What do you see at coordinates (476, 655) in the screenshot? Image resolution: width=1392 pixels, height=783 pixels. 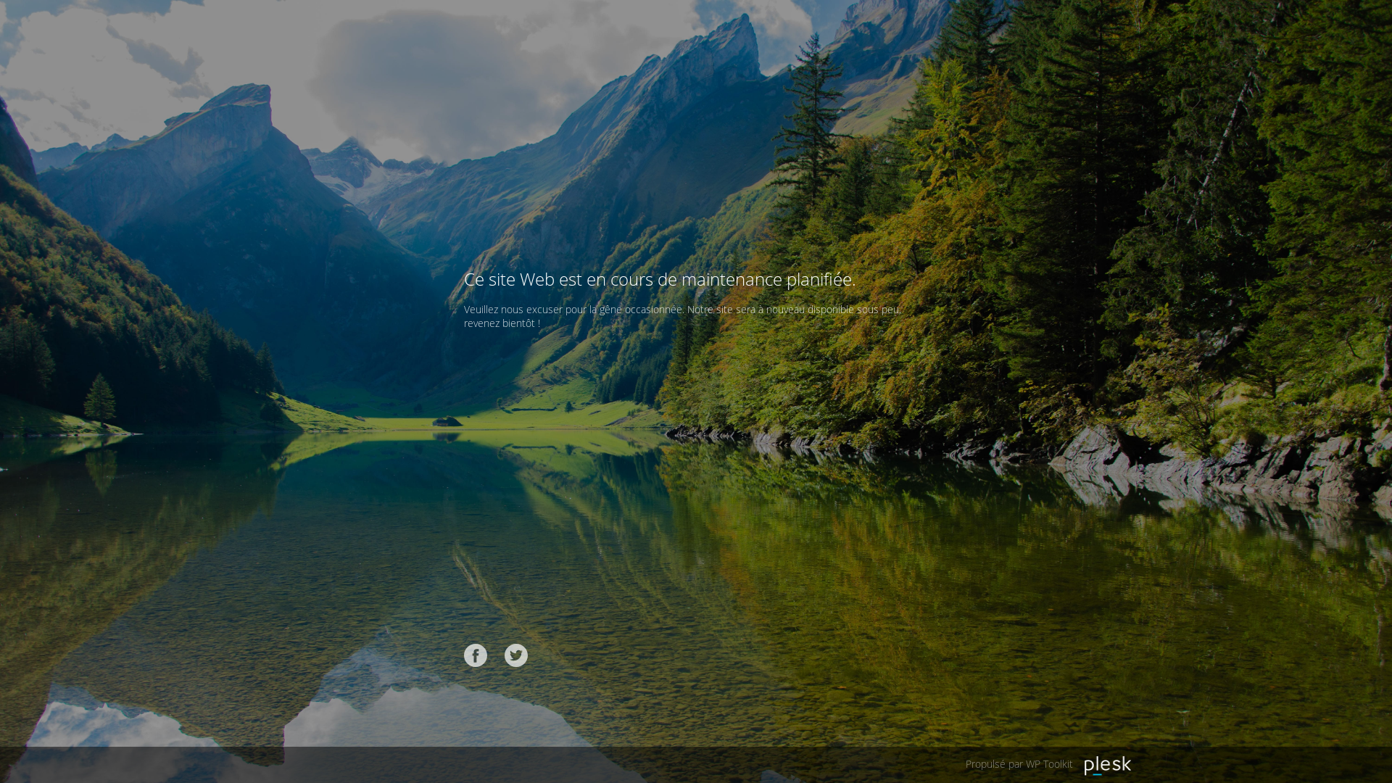 I see `'Facebook'` at bounding box center [476, 655].